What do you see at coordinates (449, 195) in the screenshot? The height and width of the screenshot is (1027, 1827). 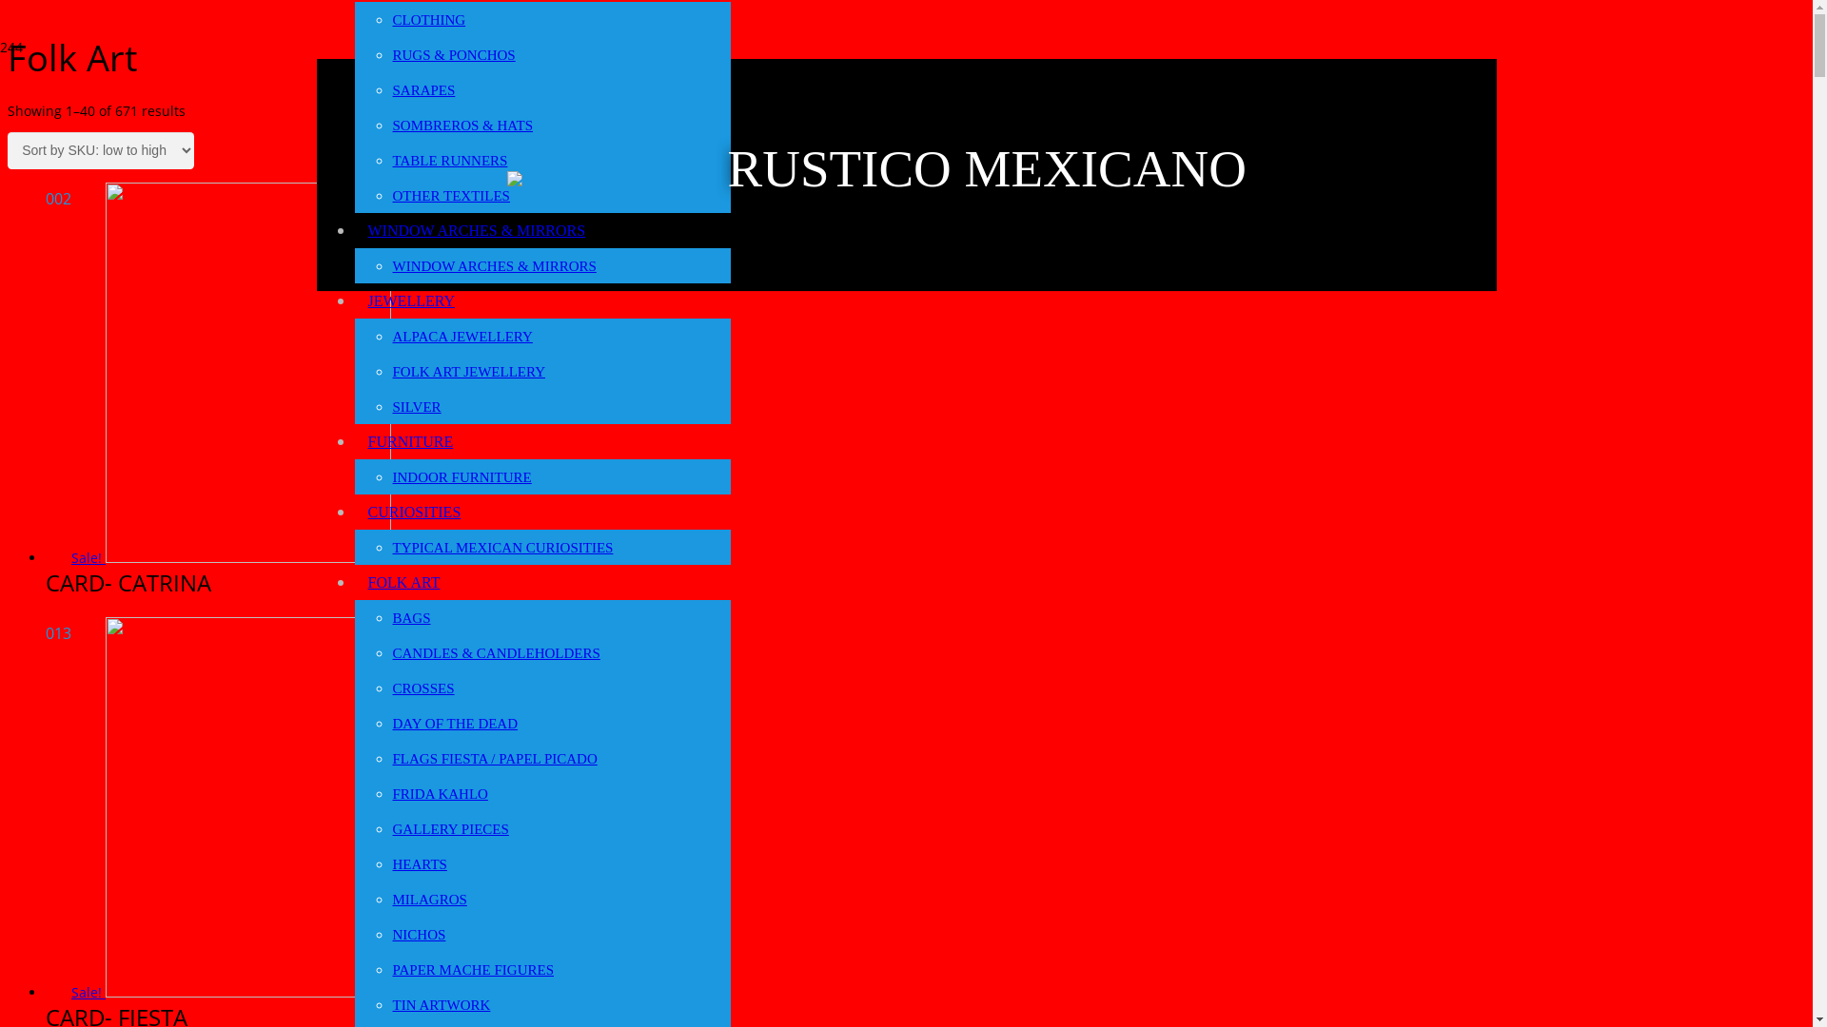 I see `'OTHER TEXTILES'` at bounding box center [449, 195].